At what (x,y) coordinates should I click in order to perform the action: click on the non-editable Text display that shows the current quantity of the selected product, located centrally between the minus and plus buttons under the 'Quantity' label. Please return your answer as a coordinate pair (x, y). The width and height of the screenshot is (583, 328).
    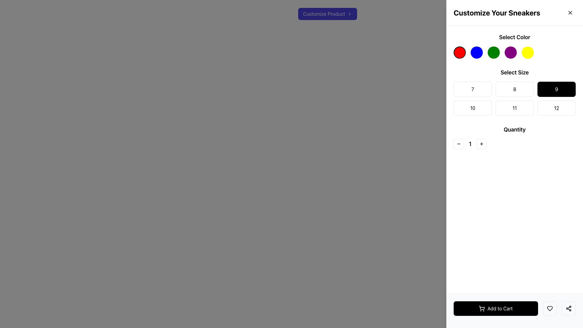
    Looking at the image, I should click on (470, 144).